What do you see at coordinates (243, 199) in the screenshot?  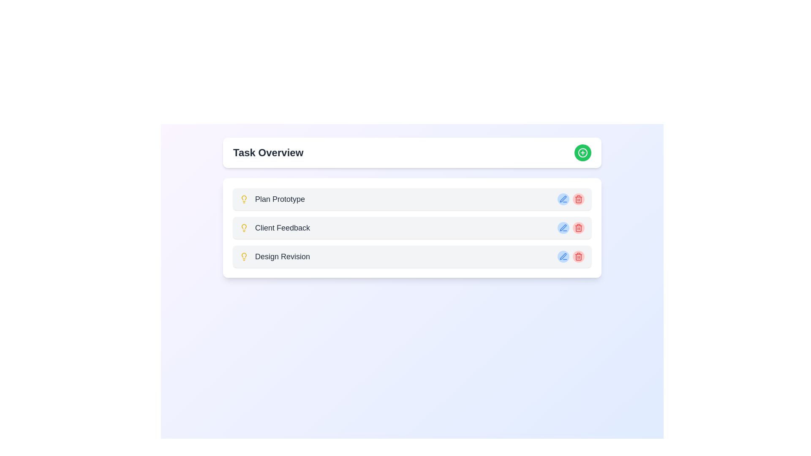 I see `the yellow lightbulb icon located on the left side of the 'Plan Prototype' text in the first row under the 'Task Overview' section` at bounding box center [243, 199].